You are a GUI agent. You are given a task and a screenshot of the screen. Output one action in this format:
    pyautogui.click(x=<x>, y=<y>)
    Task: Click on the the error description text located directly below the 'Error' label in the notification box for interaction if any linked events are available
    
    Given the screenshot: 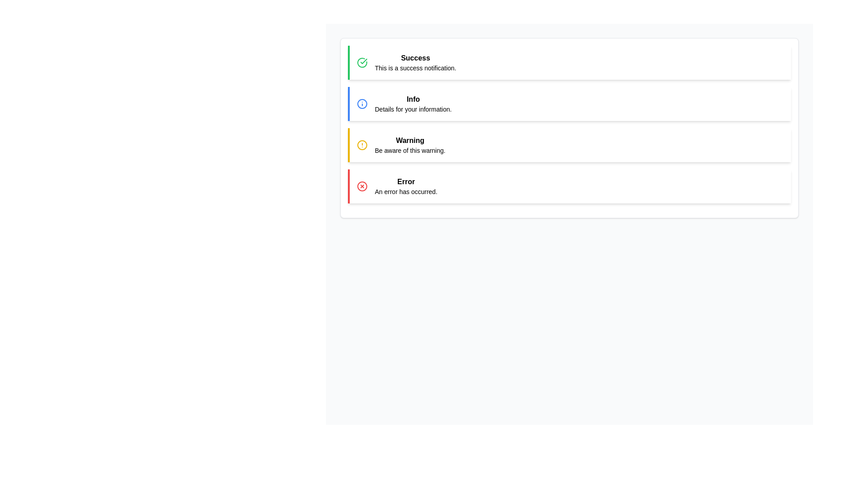 What is the action you would take?
    pyautogui.click(x=405, y=191)
    